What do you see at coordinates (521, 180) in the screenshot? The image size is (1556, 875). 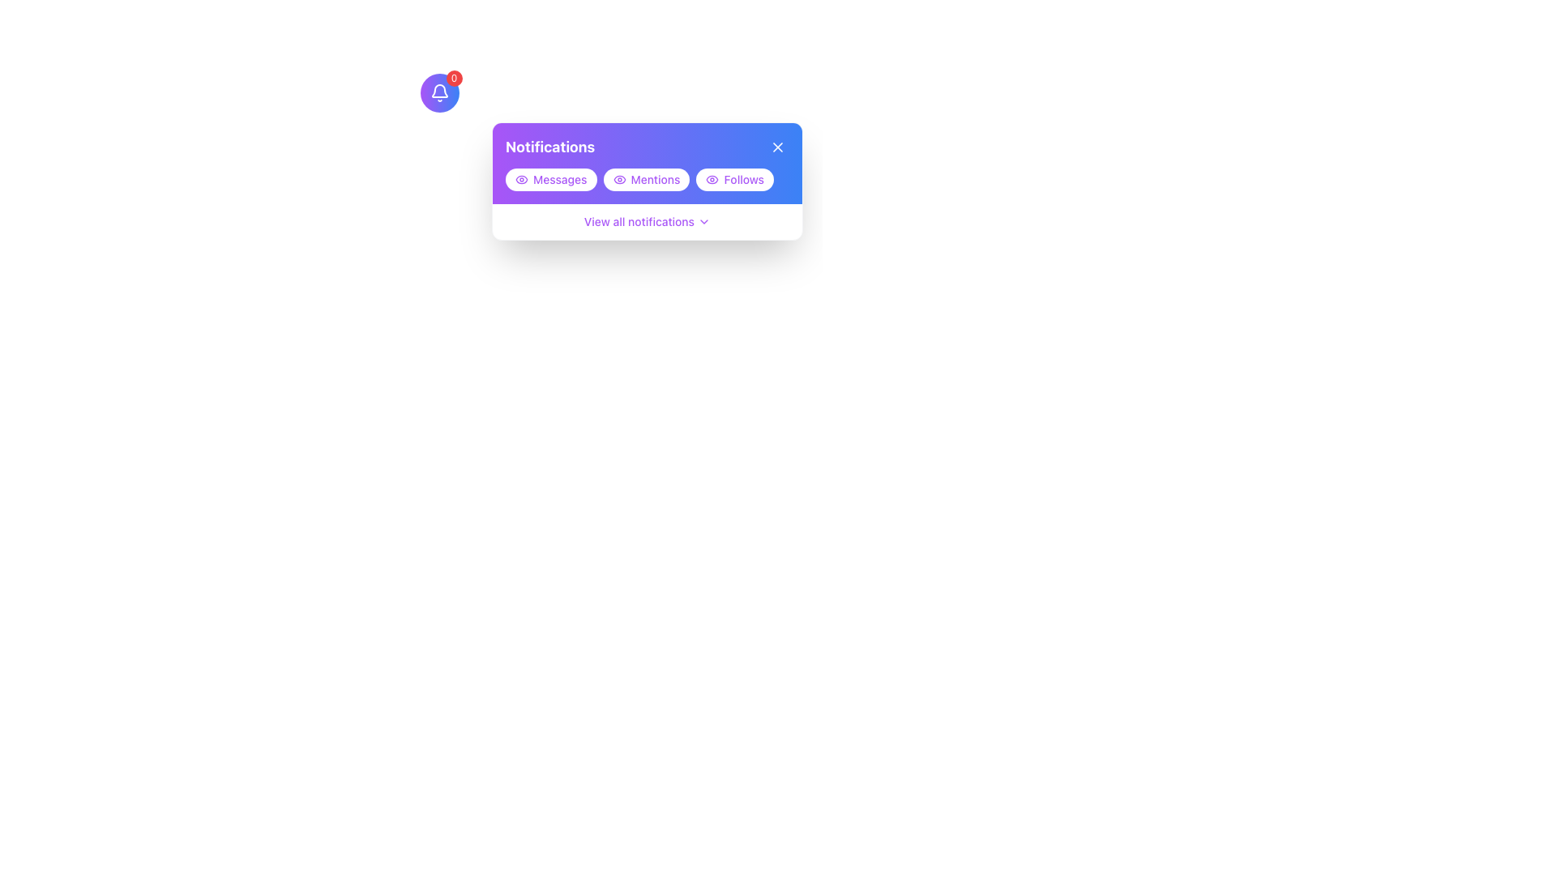 I see `the eye icon representing visibility within the 'Messages' button in the 'Notifications' card` at bounding box center [521, 180].